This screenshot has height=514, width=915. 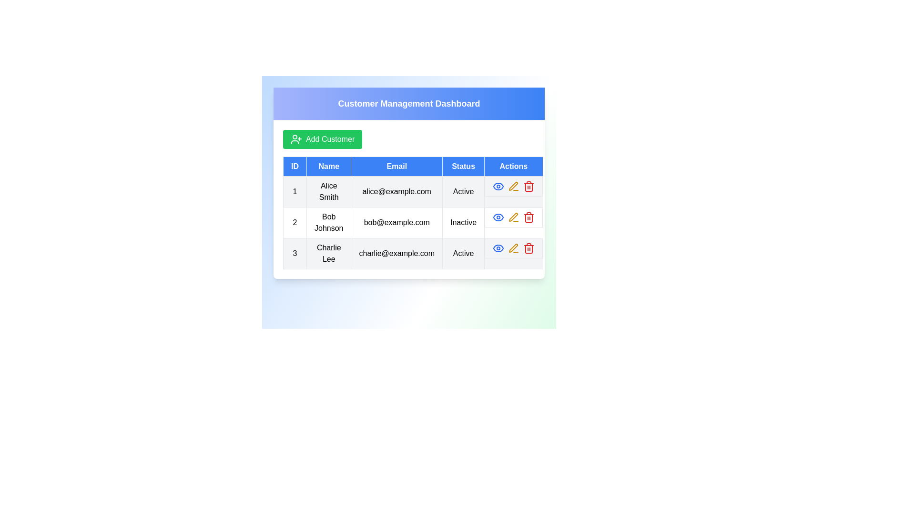 I want to click on the 'Eye' icon for the customer with ID 3, so click(x=498, y=247).